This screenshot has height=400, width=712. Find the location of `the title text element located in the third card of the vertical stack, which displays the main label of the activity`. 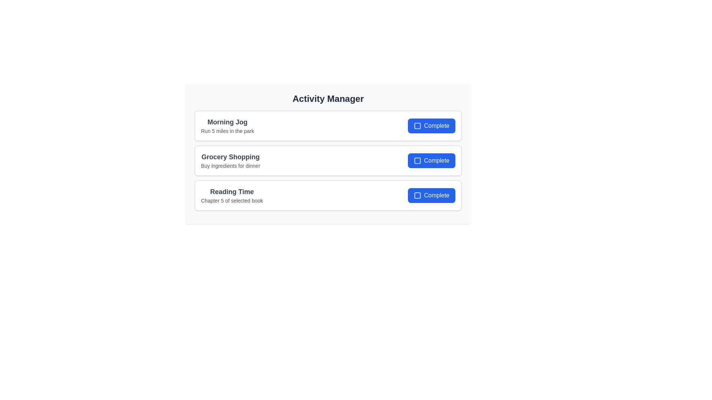

the title text element located in the third card of the vertical stack, which displays the main label of the activity is located at coordinates (231, 191).